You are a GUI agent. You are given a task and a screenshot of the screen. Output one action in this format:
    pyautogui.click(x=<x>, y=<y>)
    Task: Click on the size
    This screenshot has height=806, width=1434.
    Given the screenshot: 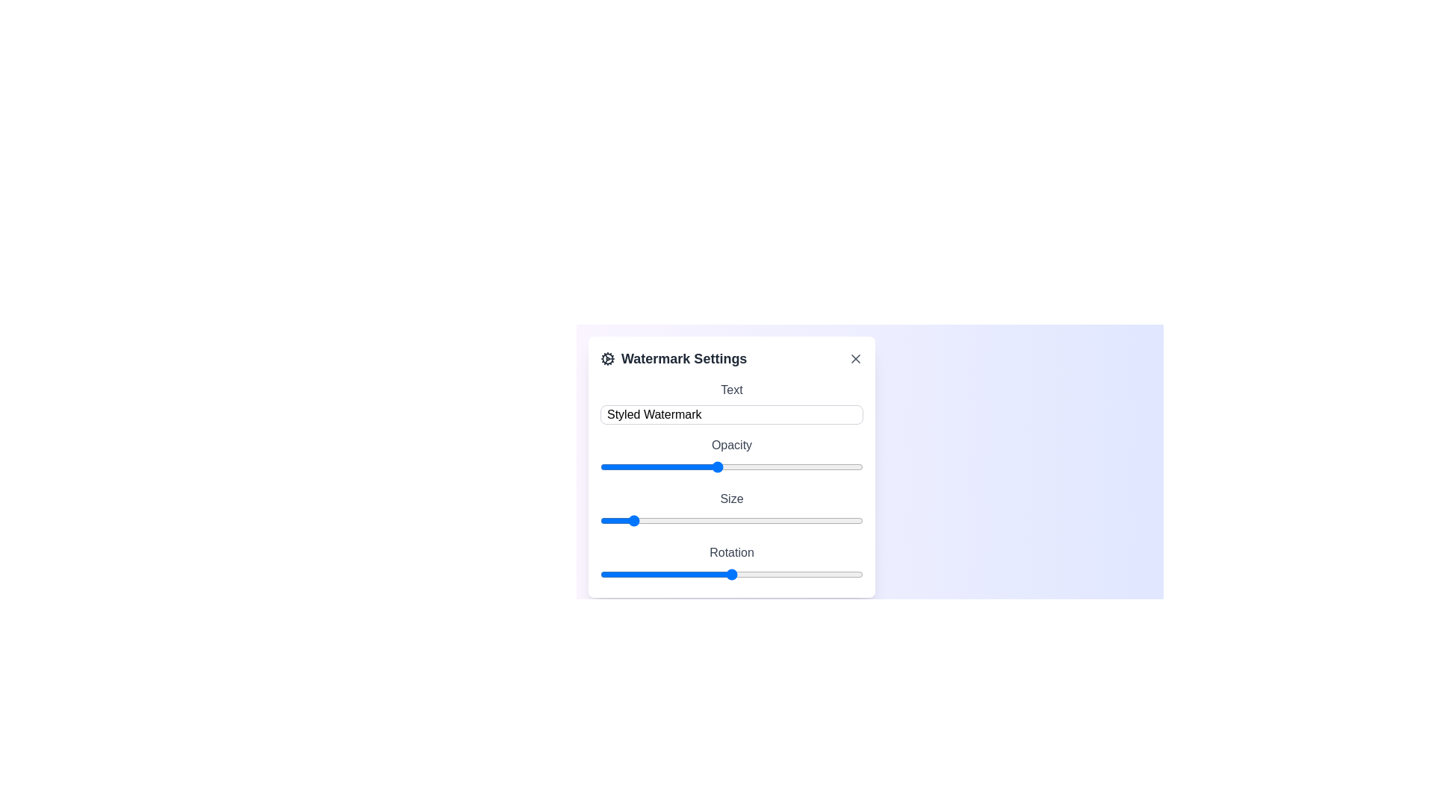 What is the action you would take?
    pyautogui.click(x=680, y=520)
    